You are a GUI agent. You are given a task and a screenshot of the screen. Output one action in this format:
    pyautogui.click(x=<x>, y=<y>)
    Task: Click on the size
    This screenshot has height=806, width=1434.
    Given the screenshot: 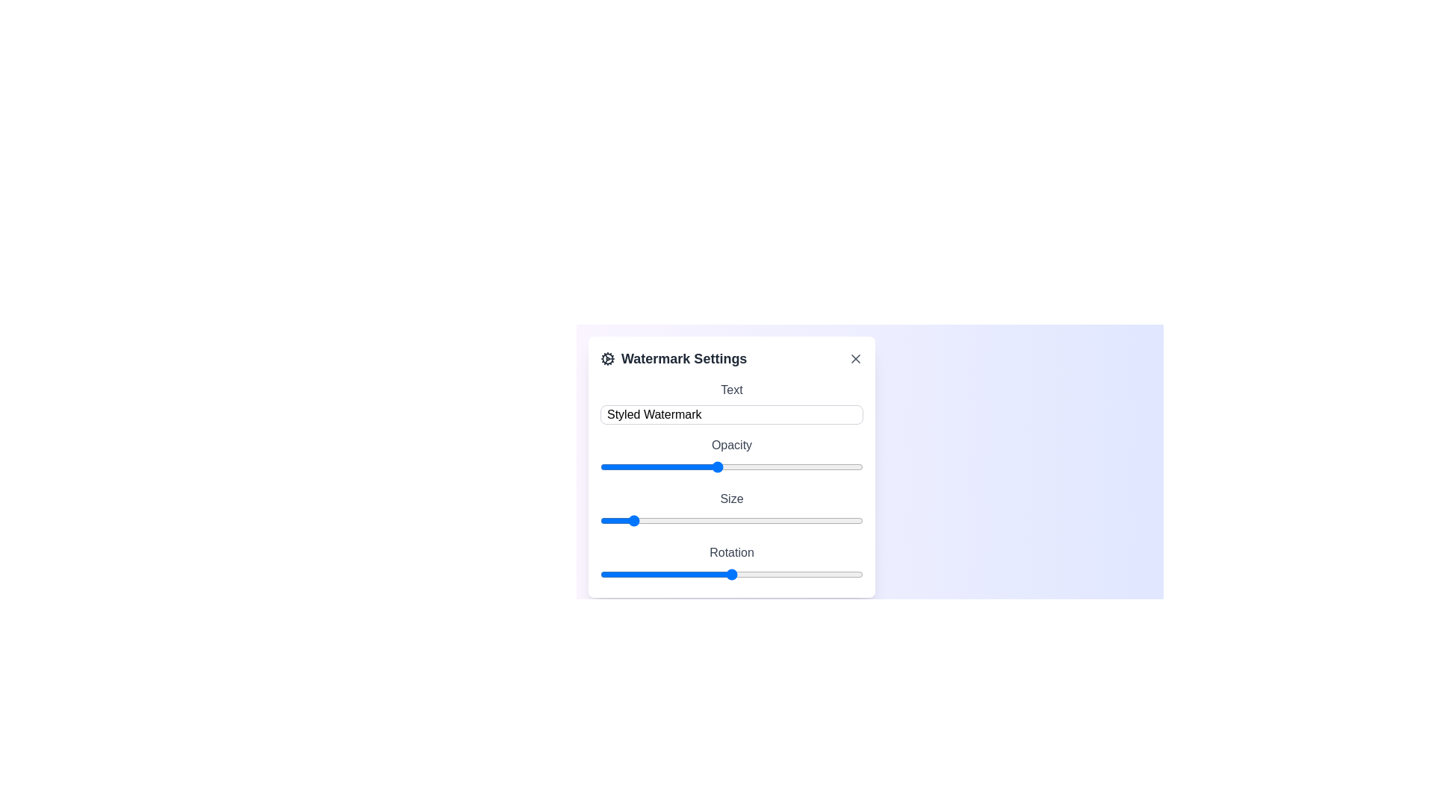 What is the action you would take?
    pyautogui.click(x=680, y=520)
    